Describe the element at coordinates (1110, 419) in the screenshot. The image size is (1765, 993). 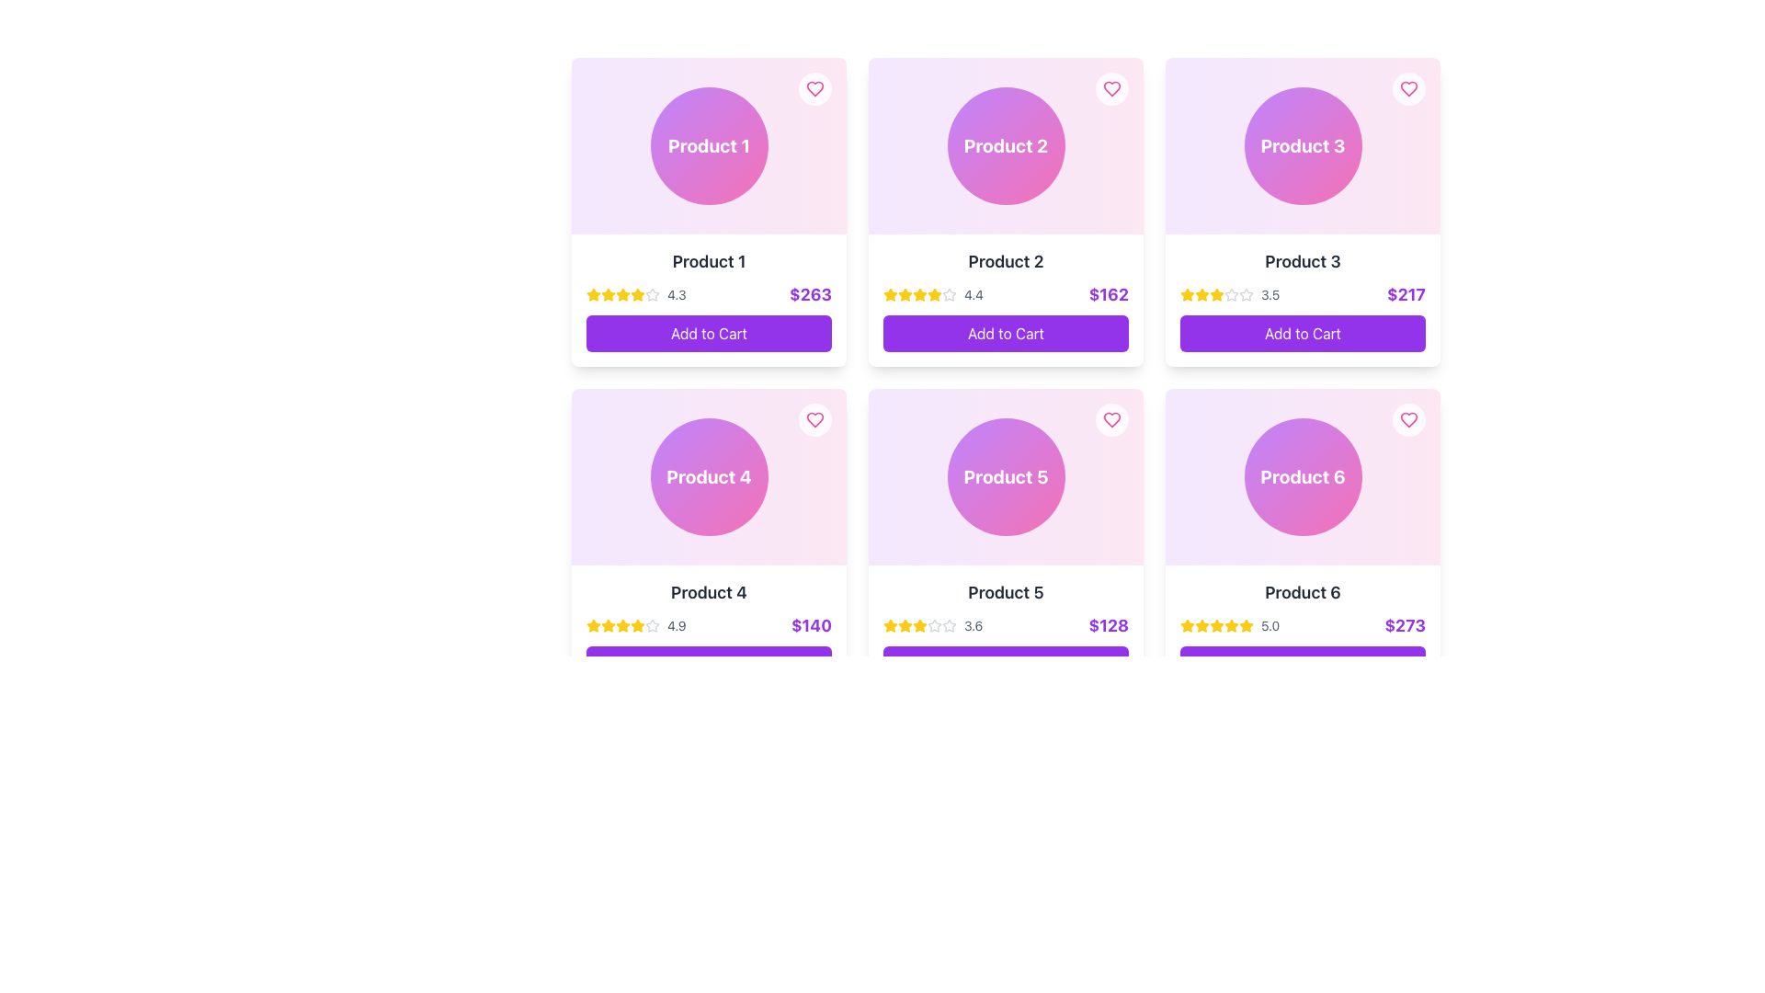
I see `the favorite button located in the upper-right corner of the card displaying 'Product 5' to mark or unmark the item as a favorite` at that location.